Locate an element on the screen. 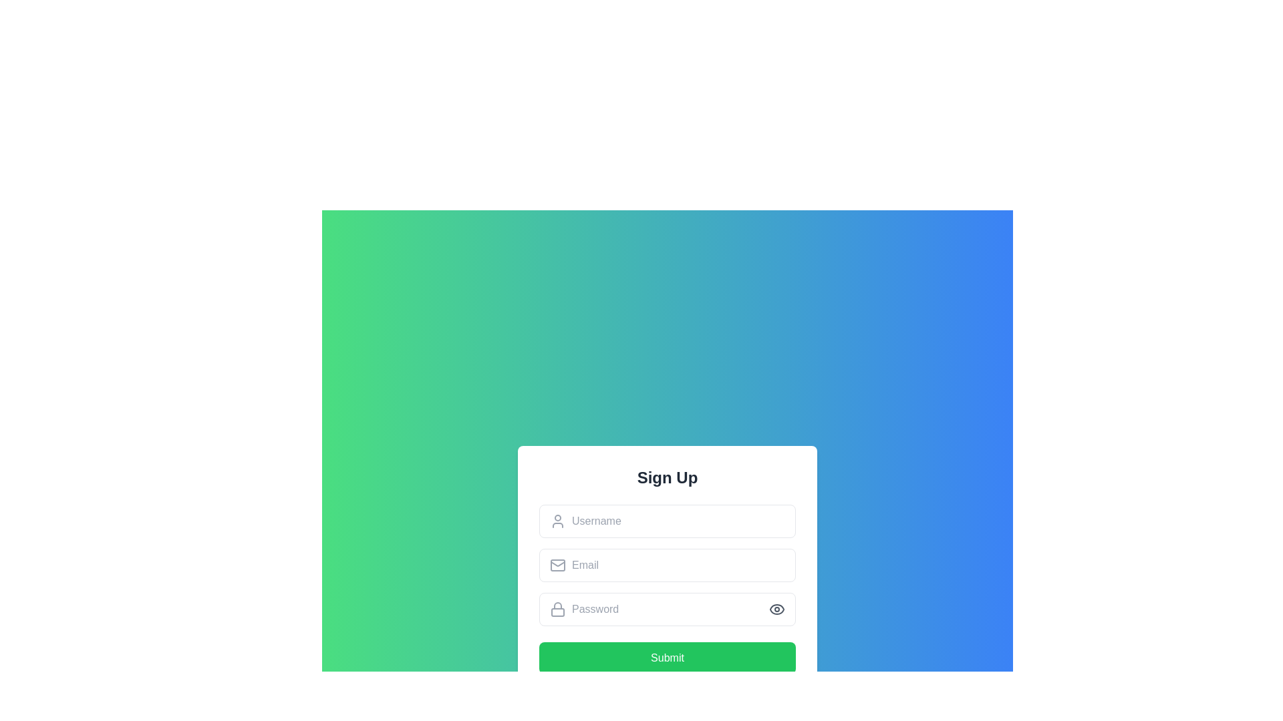 The height and width of the screenshot is (721, 1283). the green 'Submit' button located at the bottom of the 'Sign Up' card to observe the hover effect is located at coordinates (667, 658).